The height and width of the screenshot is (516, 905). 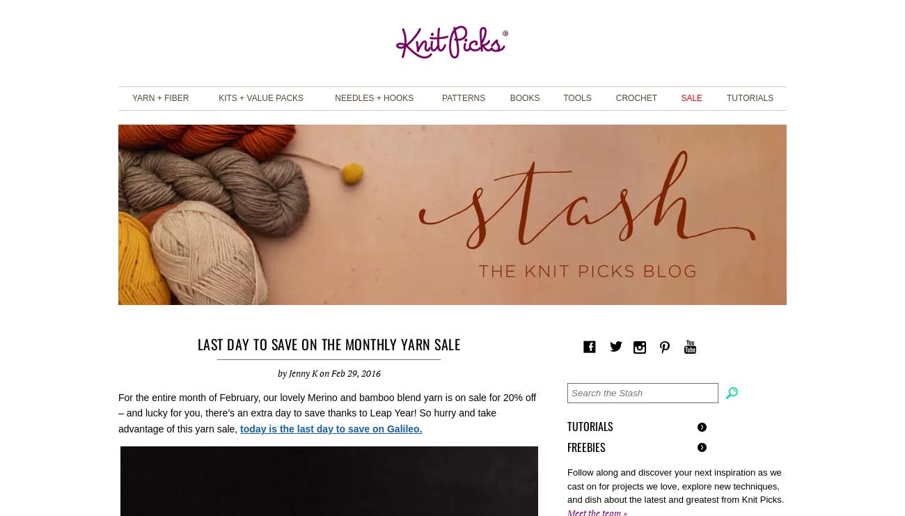 I want to click on 'Jenny K', so click(x=301, y=372).